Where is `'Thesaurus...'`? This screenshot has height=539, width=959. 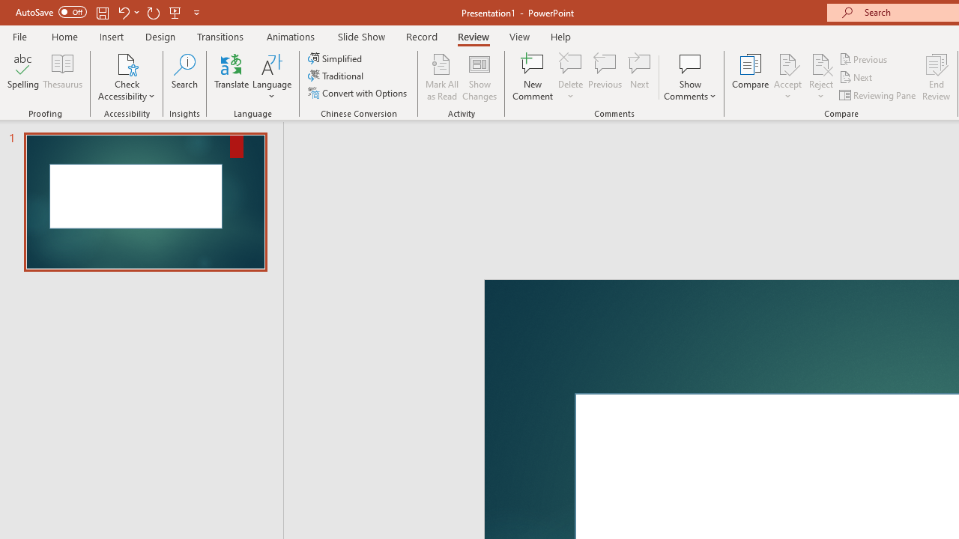 'Thesaurus...' is located at coordinates (61, 77).